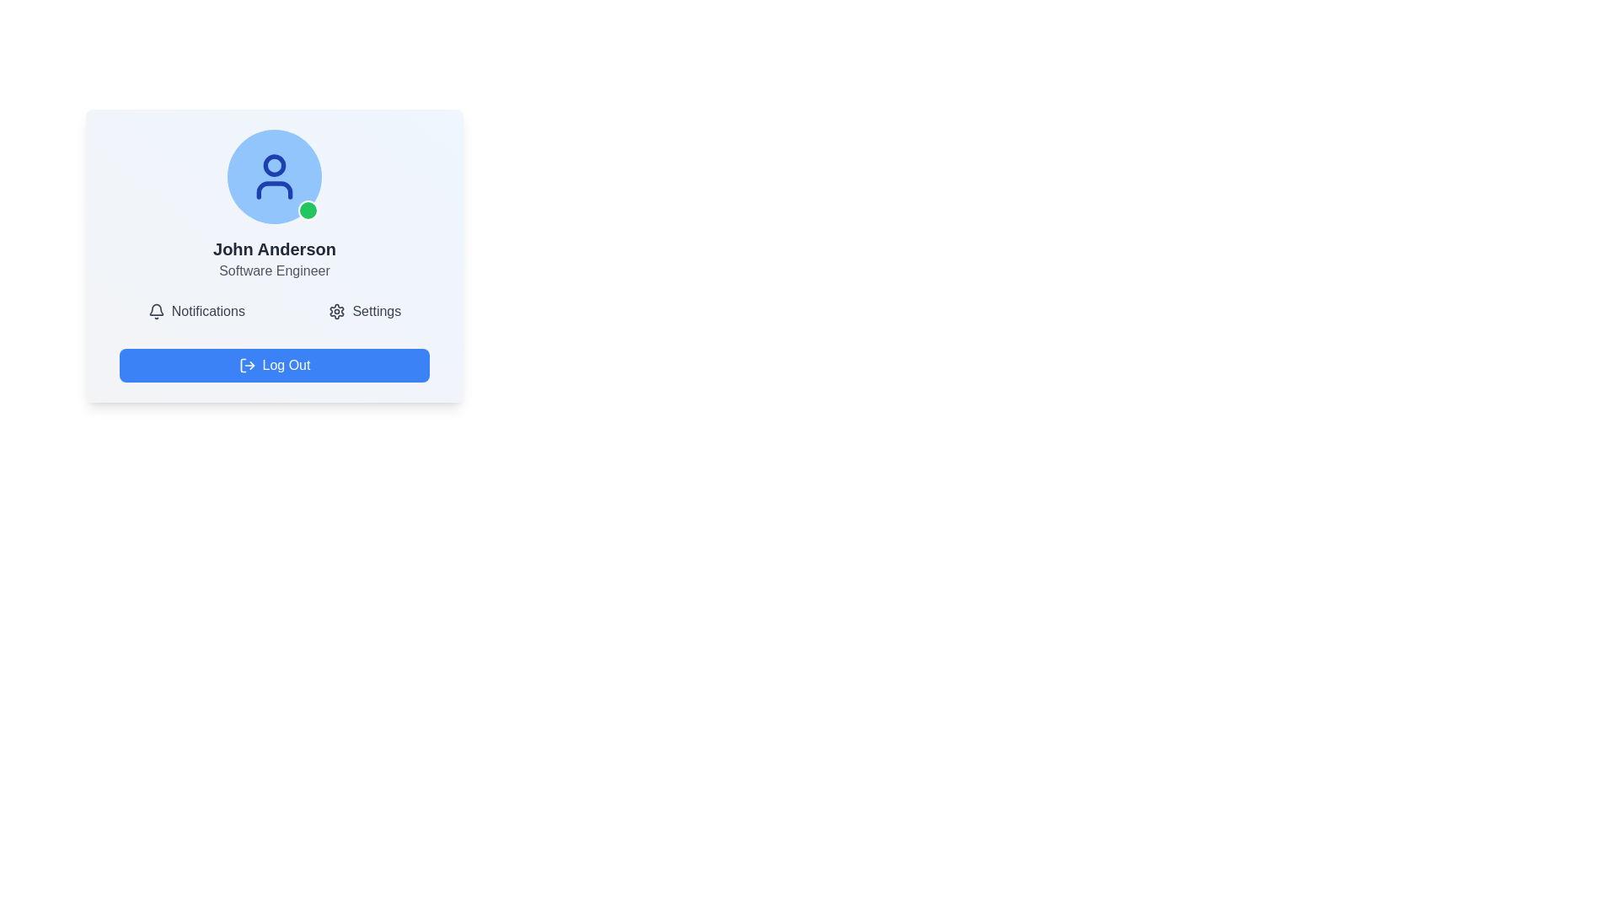 The image size is (1618, 910). I want to click on the 'Notifications' button which features a bell icon and gray text, so click(196, 312).